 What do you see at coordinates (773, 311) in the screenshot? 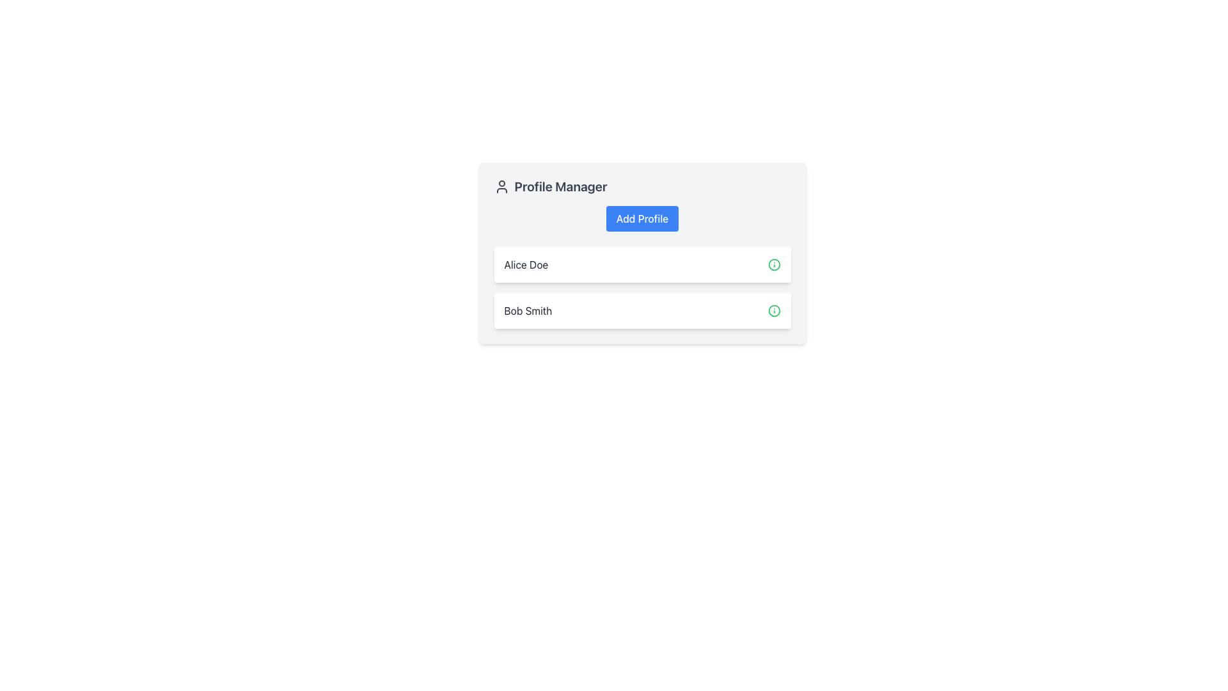
I see `the informational icon located to the right of the profile 'Bob Smith' in the Profile Manager section` at bounding box center [773, 311].